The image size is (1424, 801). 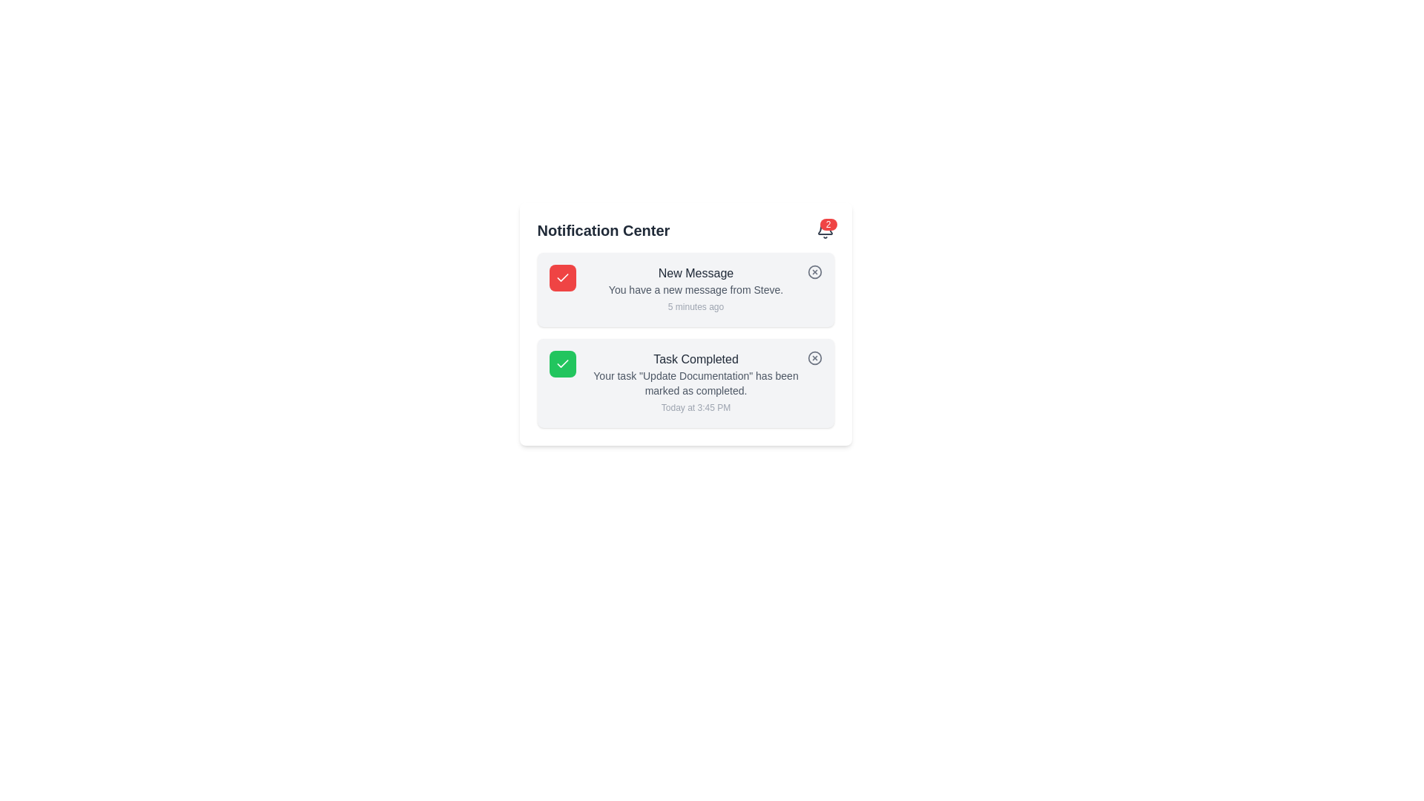 What do you see at coordinates (695, 408) in the screenshot?
I see `the small-sized text label displaying 'Today at 3:45 PM' in light gray color, which is positioned at the lower-right corner of the 'Task Completed' notification box` at bounding box center [695, 408].